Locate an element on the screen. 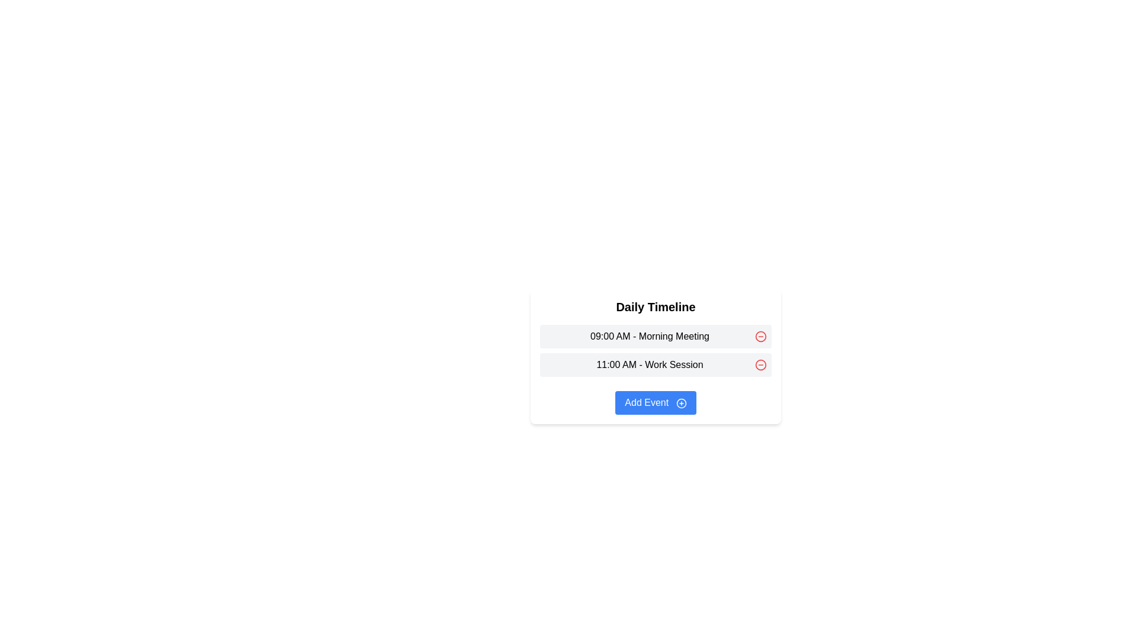 The image size is (1137, 639). the blue 'Add Event' button with white text and a circular plus icon is located at coordinates (655, 402).